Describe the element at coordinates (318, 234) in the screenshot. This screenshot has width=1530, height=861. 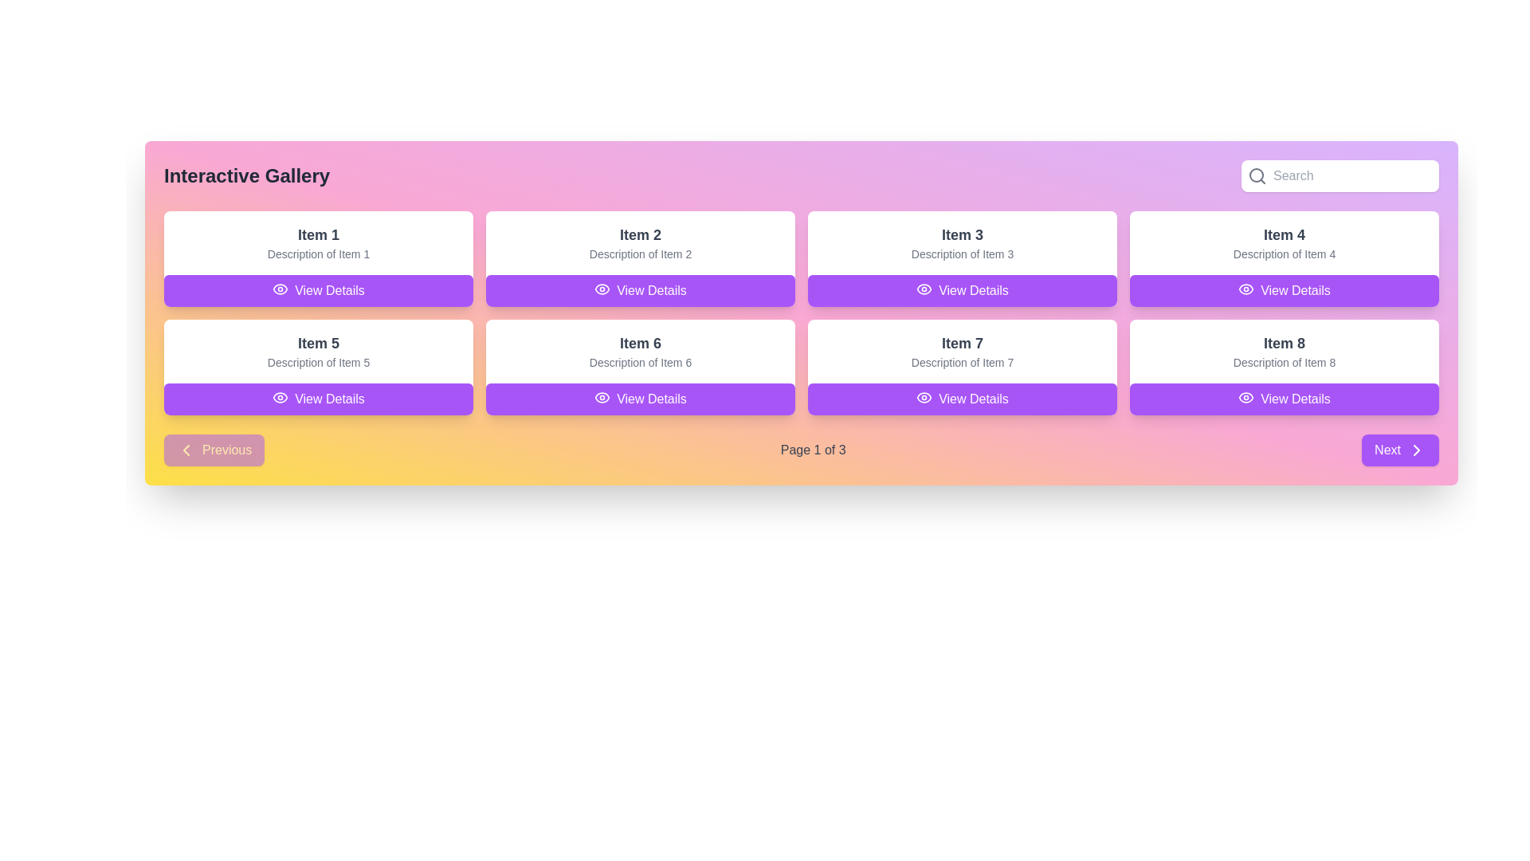
I see `the text label that serves as a title for 'Item 1' in the first card of the grid layout` at that location.